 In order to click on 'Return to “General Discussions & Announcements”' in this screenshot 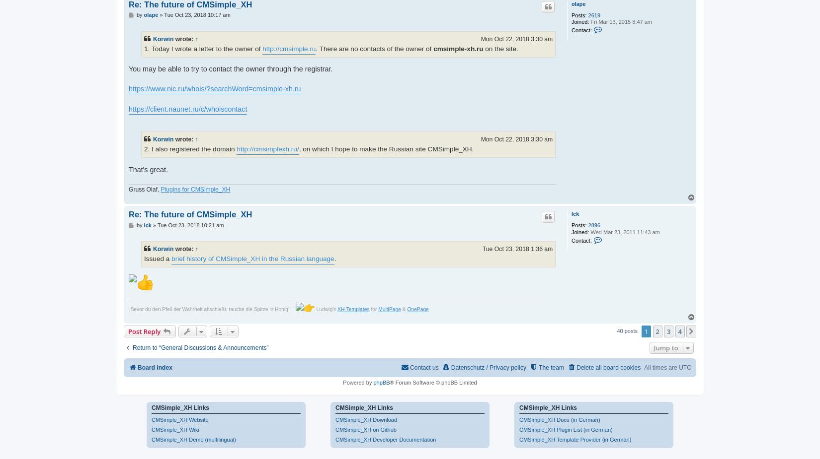, I will do `click(200, 347)`.